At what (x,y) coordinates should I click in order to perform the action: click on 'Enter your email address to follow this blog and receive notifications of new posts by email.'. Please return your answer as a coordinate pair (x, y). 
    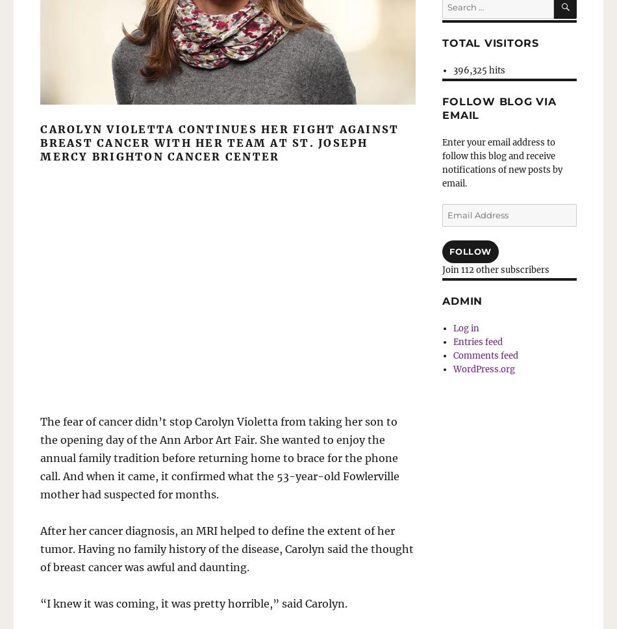
    Looking at the image, I should click on (501, 162).